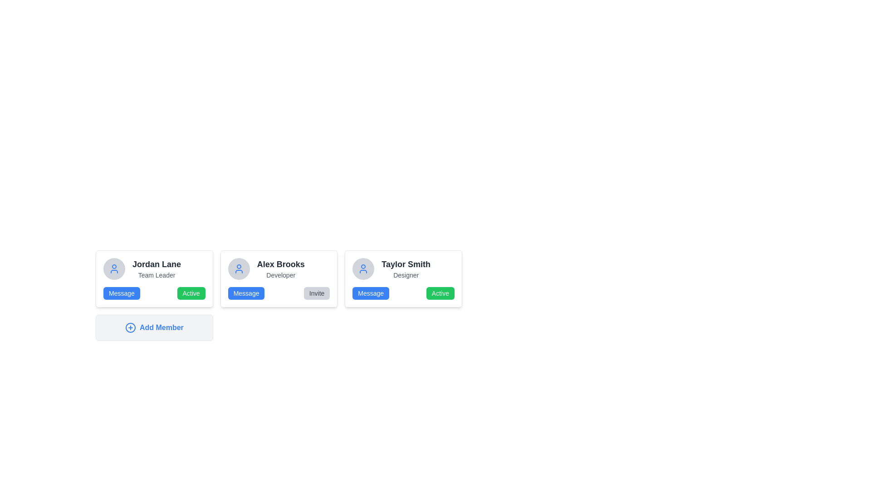 This screenshot has height=489, width=871. I want to click on the 'Active' button on the first user information card located in the top-left of the grid layout, so click(154, 278).